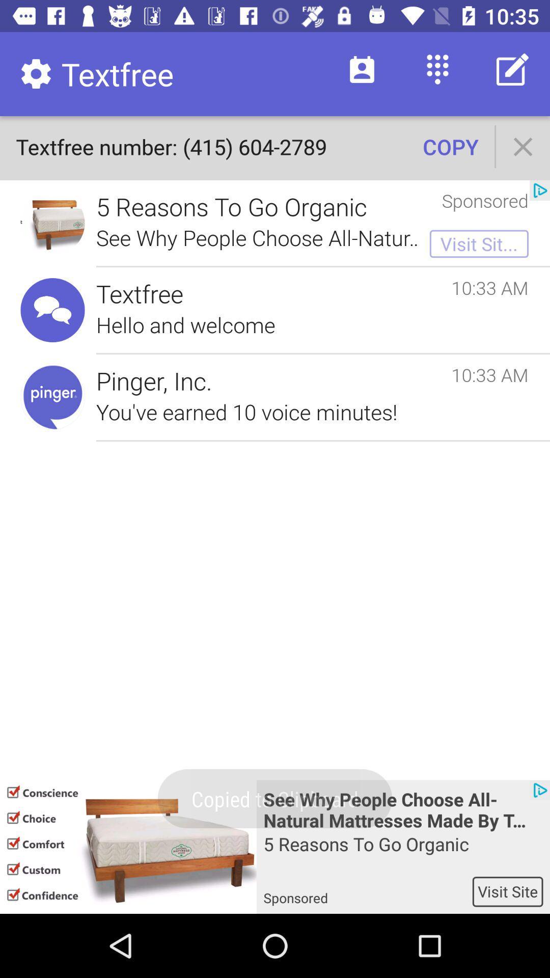 The width and height of the screenshot is (550, 978). What do you see at coordinates (539, 191) in the screenshot?
I see `icon next to sponsored at top right corner of the page` at bounding box center [539, 191].